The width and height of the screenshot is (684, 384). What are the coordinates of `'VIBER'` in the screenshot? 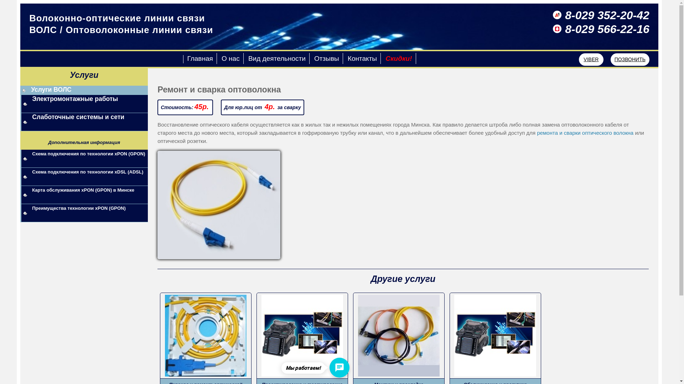 It's located at (579, 59).